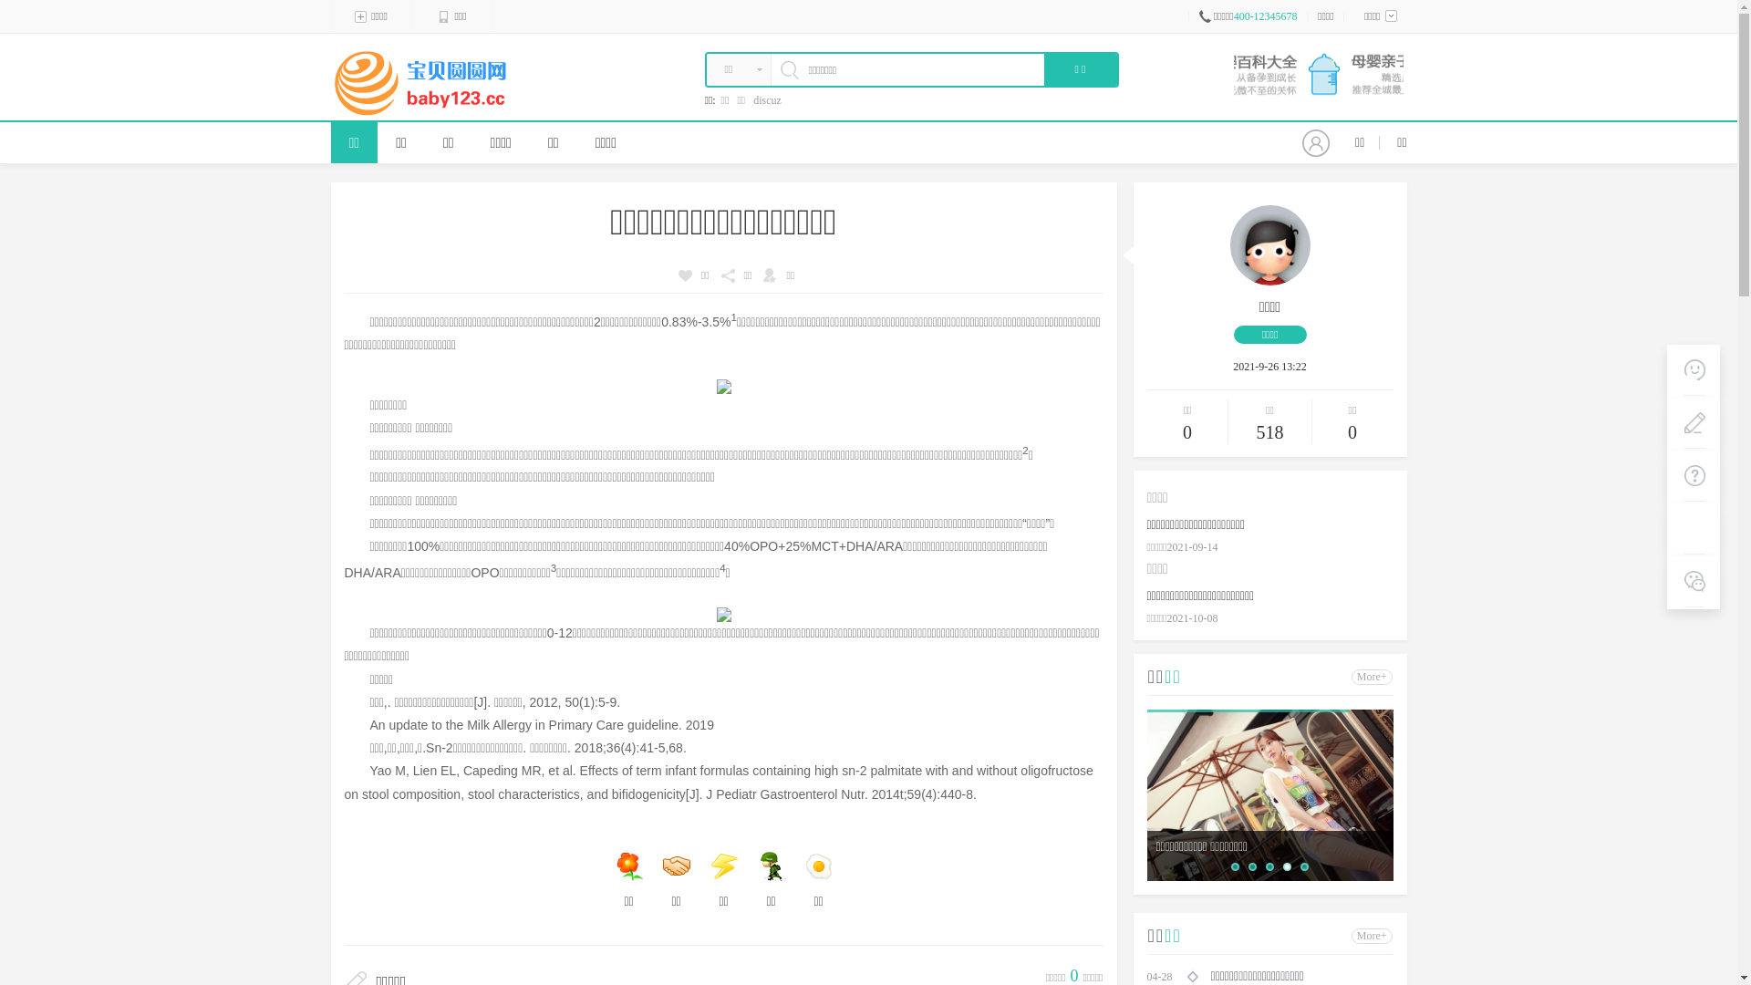  Describe the element at coordinates (750, 100) in the screenshot. I see `'discuz'` at that location.